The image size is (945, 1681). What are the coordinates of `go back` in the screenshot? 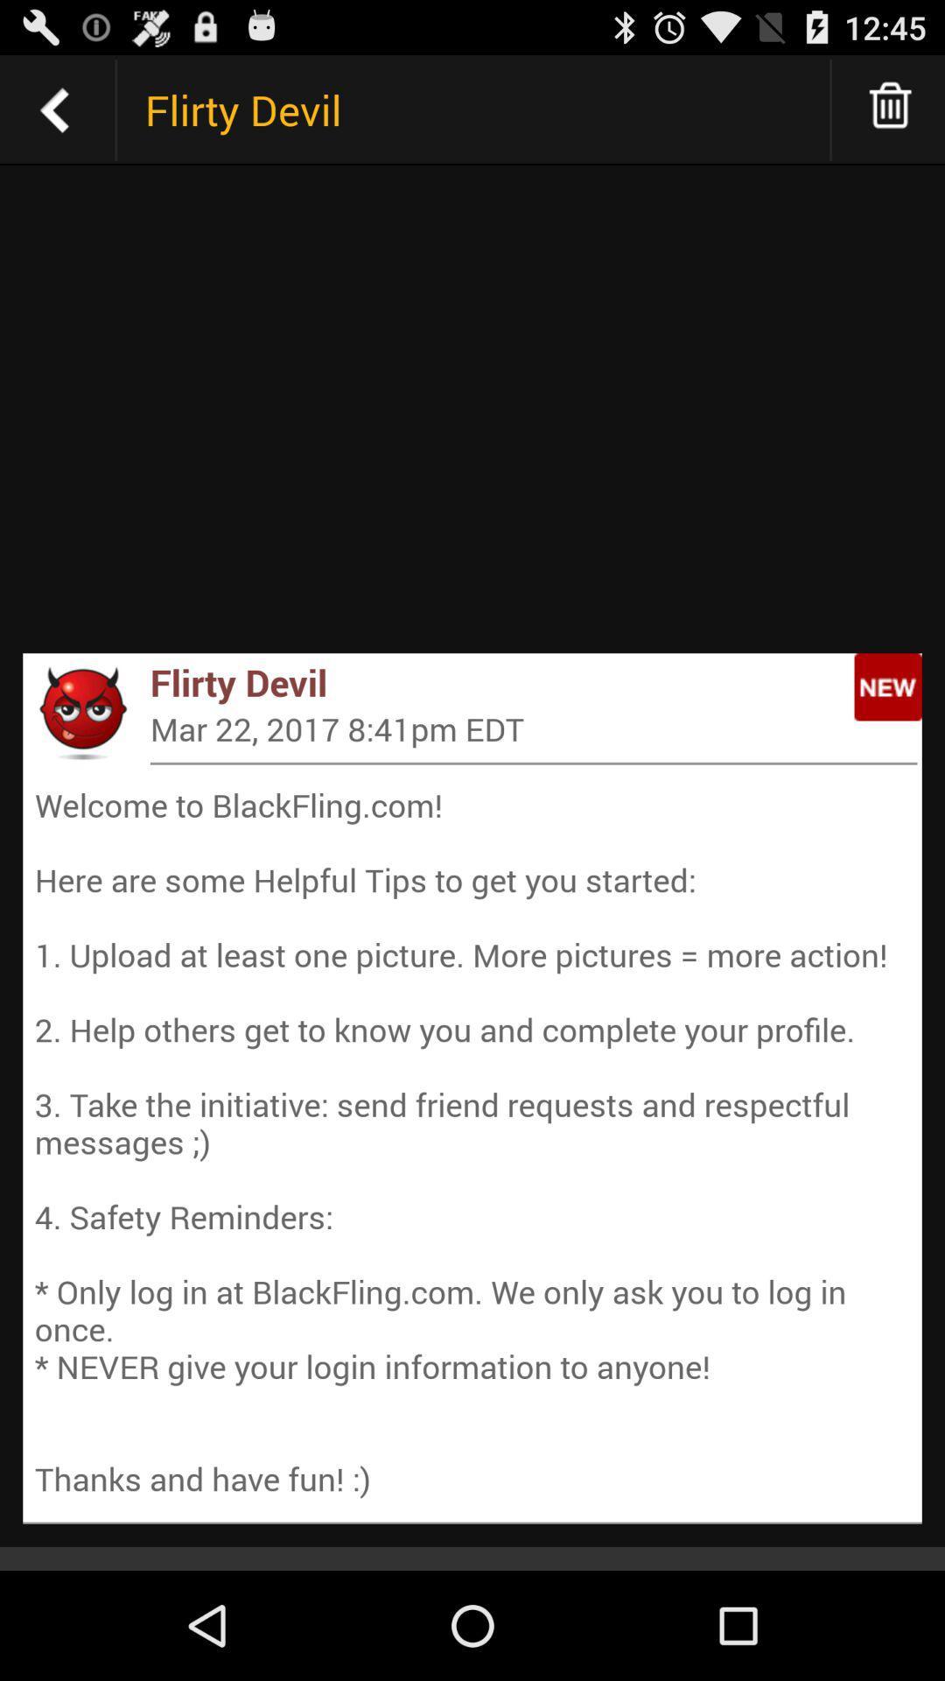 It's located at (53, 109).